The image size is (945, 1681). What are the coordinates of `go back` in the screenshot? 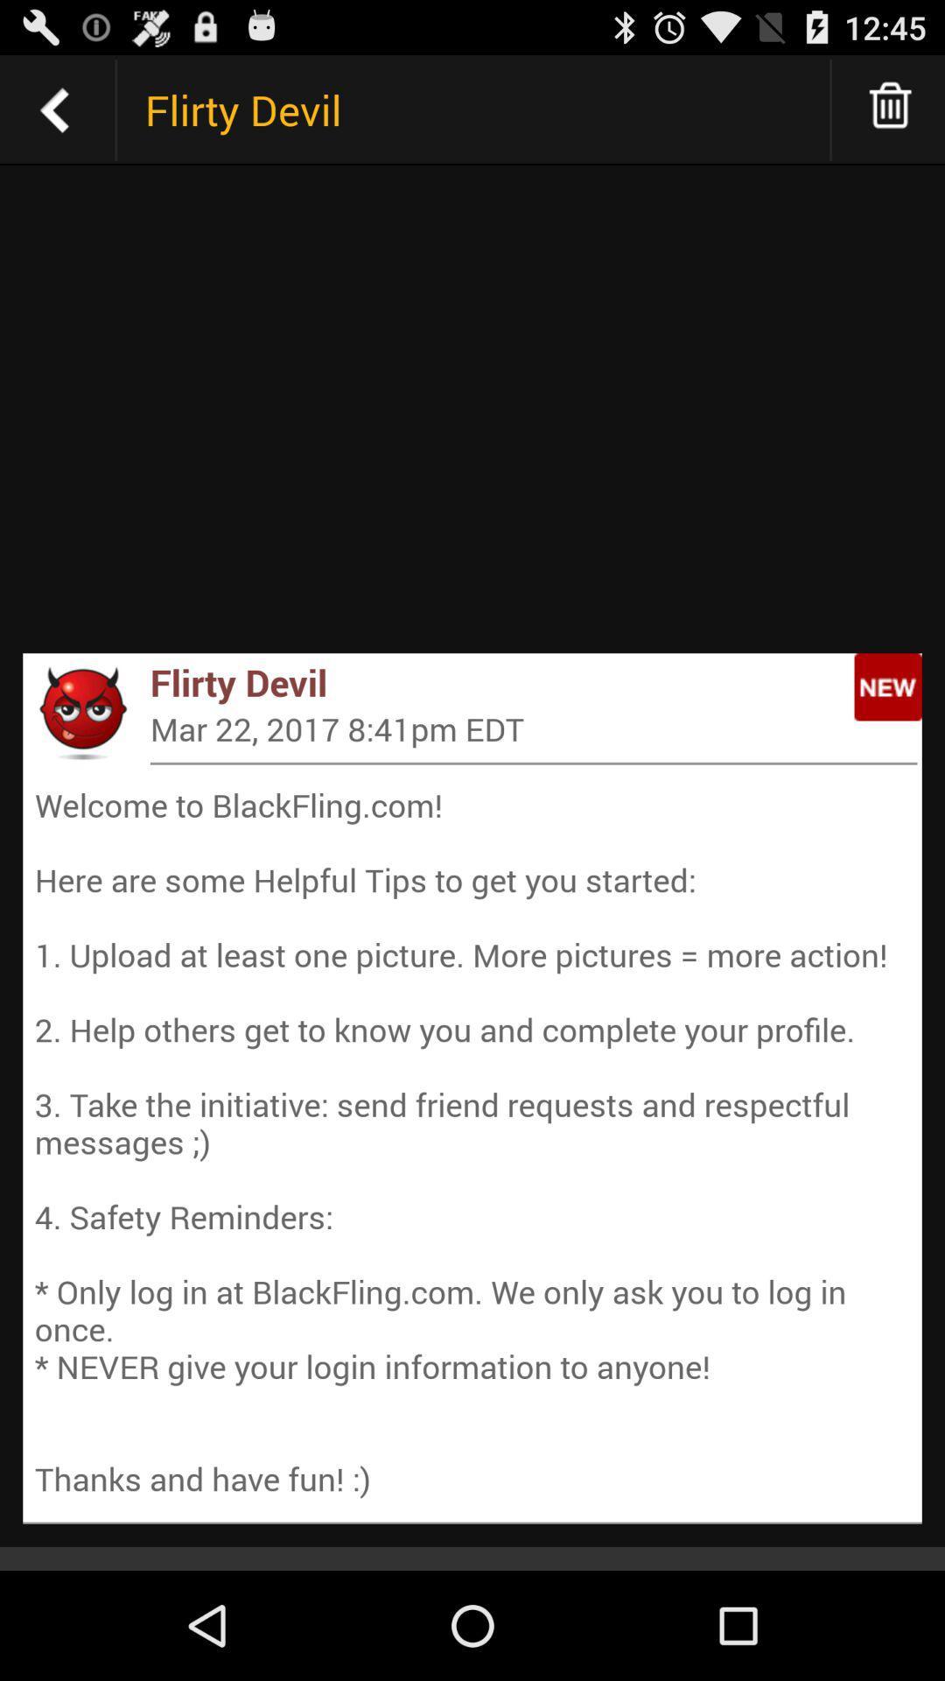 It's located at (53, 109).